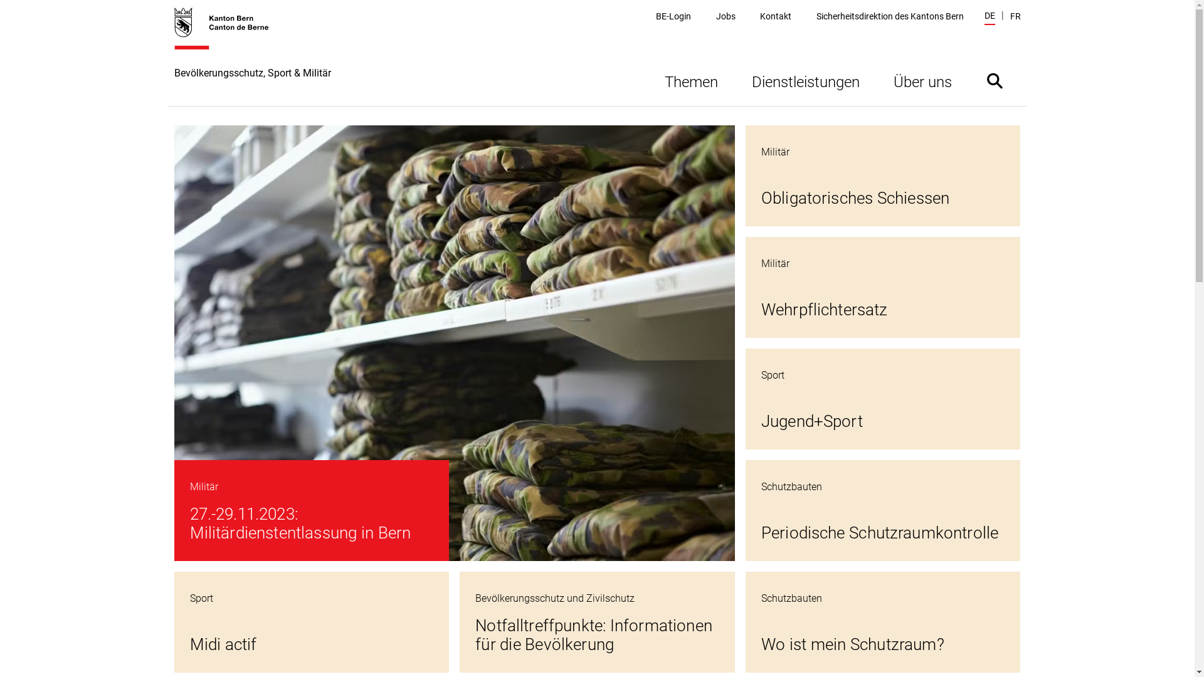  I want to click on 'Kontakt', so click(759, 16).